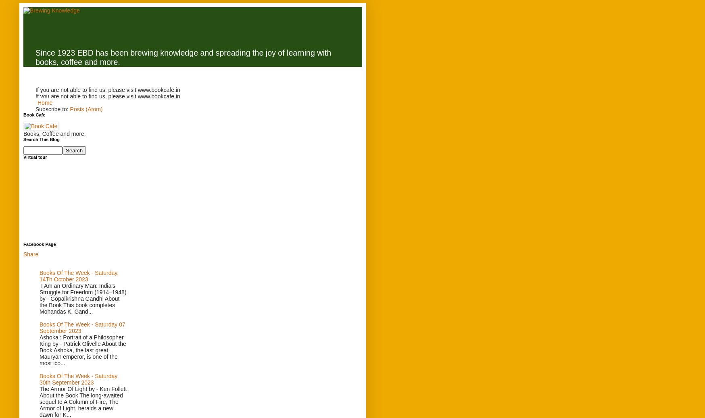 Image resolution: width=705 pixels, height=418 pixels. Describe the element at coordinates (40, 328) in the screenshot. I see `'Books Of The Week - Saturday 07 September 2023'` at that location.